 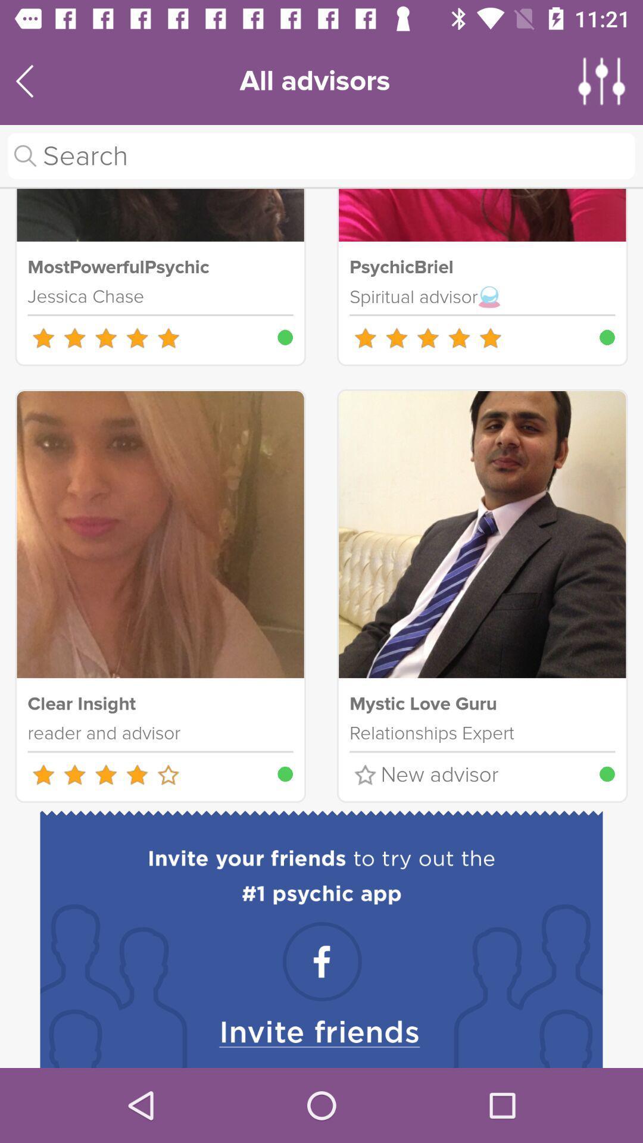 What do you see at coordinates (602, 80) in the screenshot?
I see `media play options` at bounding box center [602, 80].